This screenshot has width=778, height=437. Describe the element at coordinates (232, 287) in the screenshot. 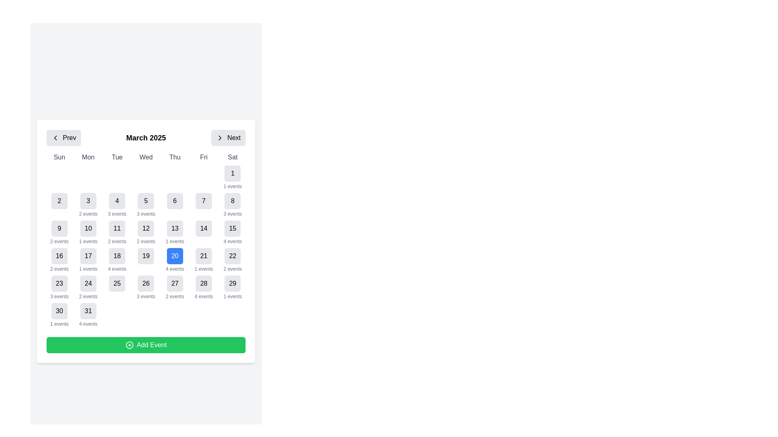

I see `the calendar date cell displaying '29' with a light gray background and '1 events' below` at that location.